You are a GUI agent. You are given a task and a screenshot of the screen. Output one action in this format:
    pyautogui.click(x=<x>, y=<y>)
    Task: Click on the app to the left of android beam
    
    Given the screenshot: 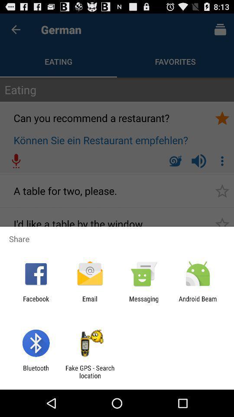 What is the action you would take?
    pyautogui.click(x=144, y=302)
    